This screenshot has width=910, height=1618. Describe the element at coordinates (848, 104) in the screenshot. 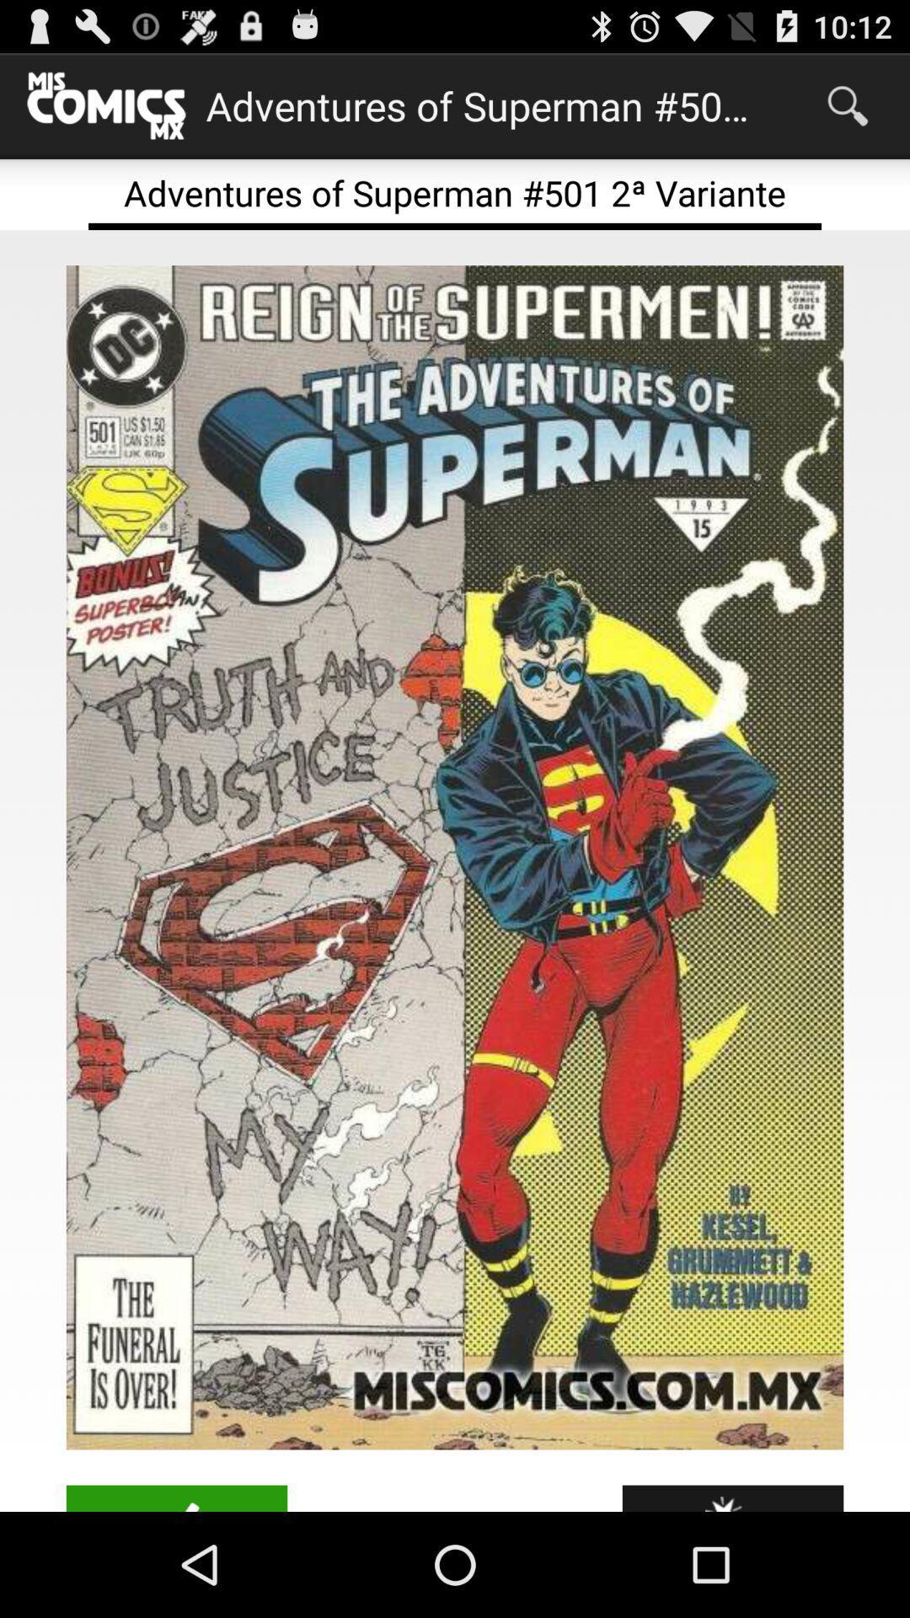

I see `icon above adventures of superman app` at that location.